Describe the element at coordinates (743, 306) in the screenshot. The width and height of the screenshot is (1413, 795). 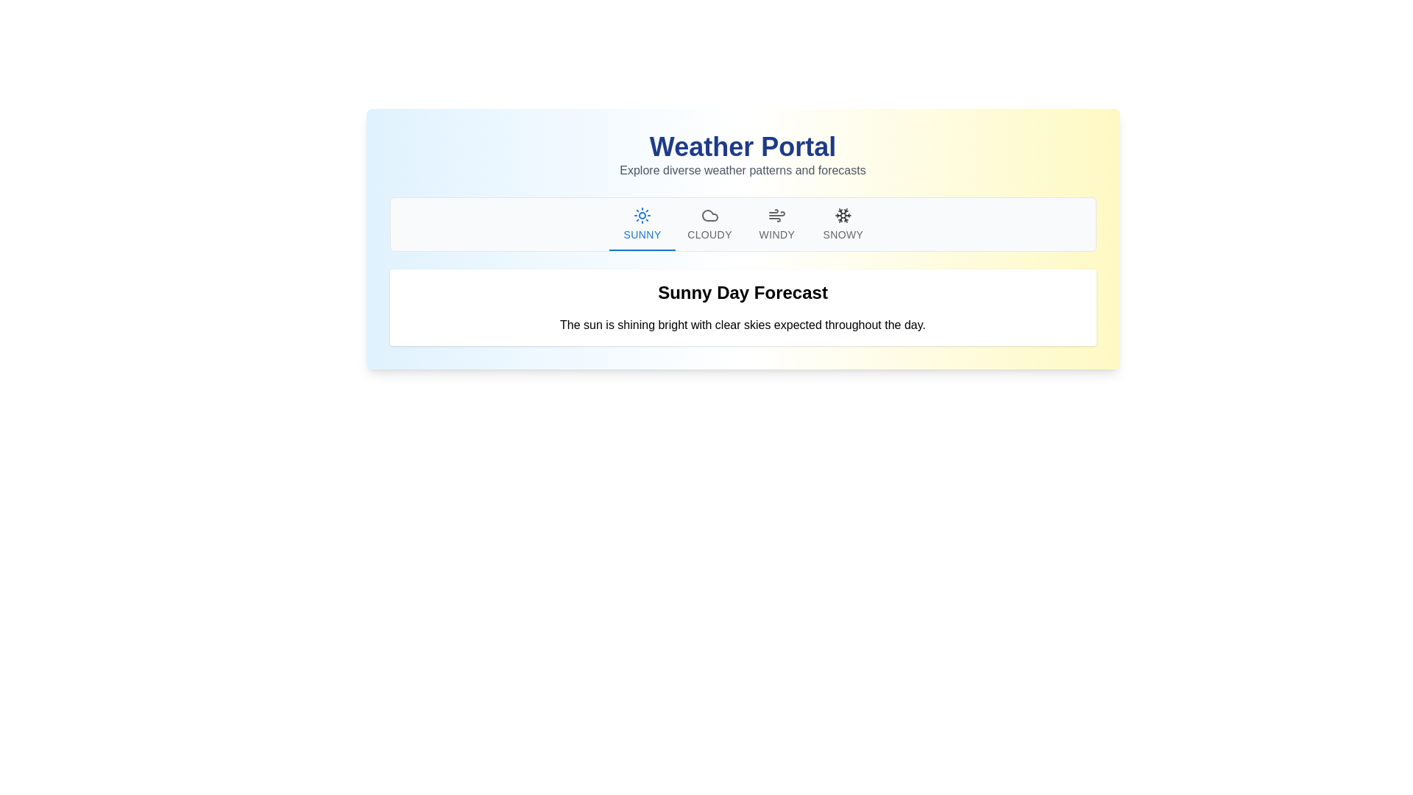
I see `the Information Panel titled 'Sunny Day Forecast' which contains the description 'The sun is shining bright with clear skies expected throughout the day.'` at that location.